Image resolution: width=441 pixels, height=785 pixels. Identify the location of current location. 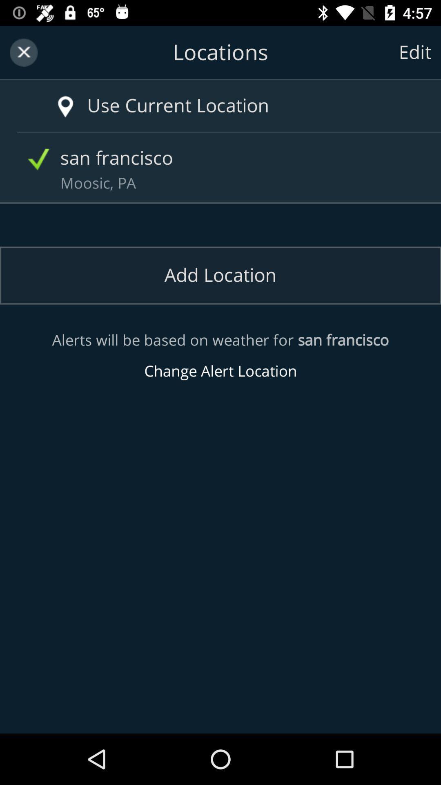
(53, 98).